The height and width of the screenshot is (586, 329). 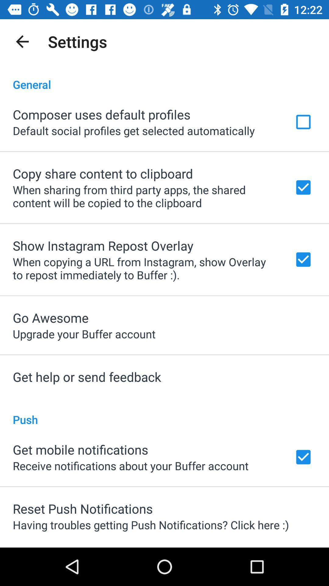 What do you see at coordinates (22, 41) in the screenshot?
I see `icon above the general` at bounding box center [22, 41].